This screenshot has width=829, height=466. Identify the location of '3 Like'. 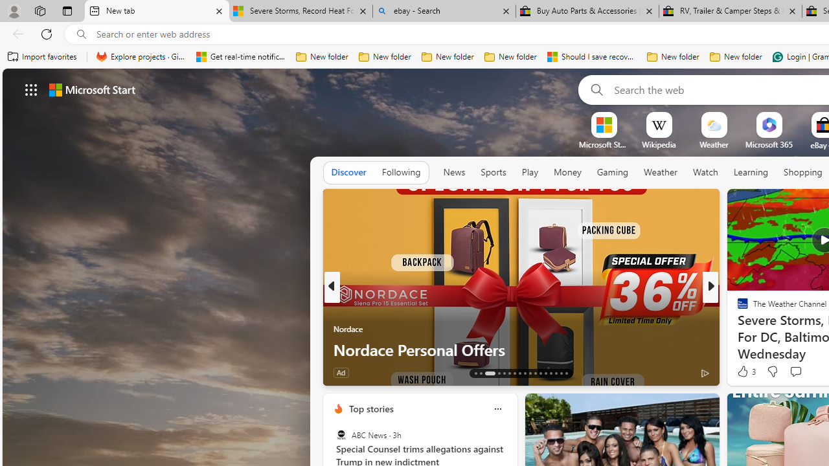
(745, 372).